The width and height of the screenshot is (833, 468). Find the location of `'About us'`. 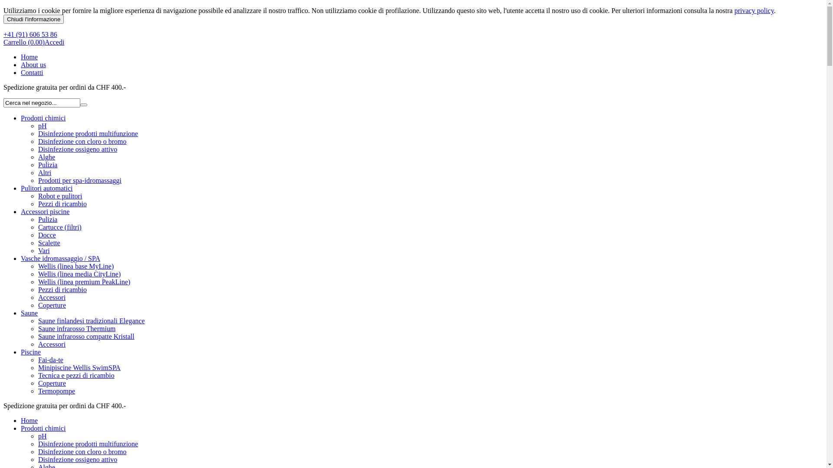

'About us' is located at coordinates (33, 64).